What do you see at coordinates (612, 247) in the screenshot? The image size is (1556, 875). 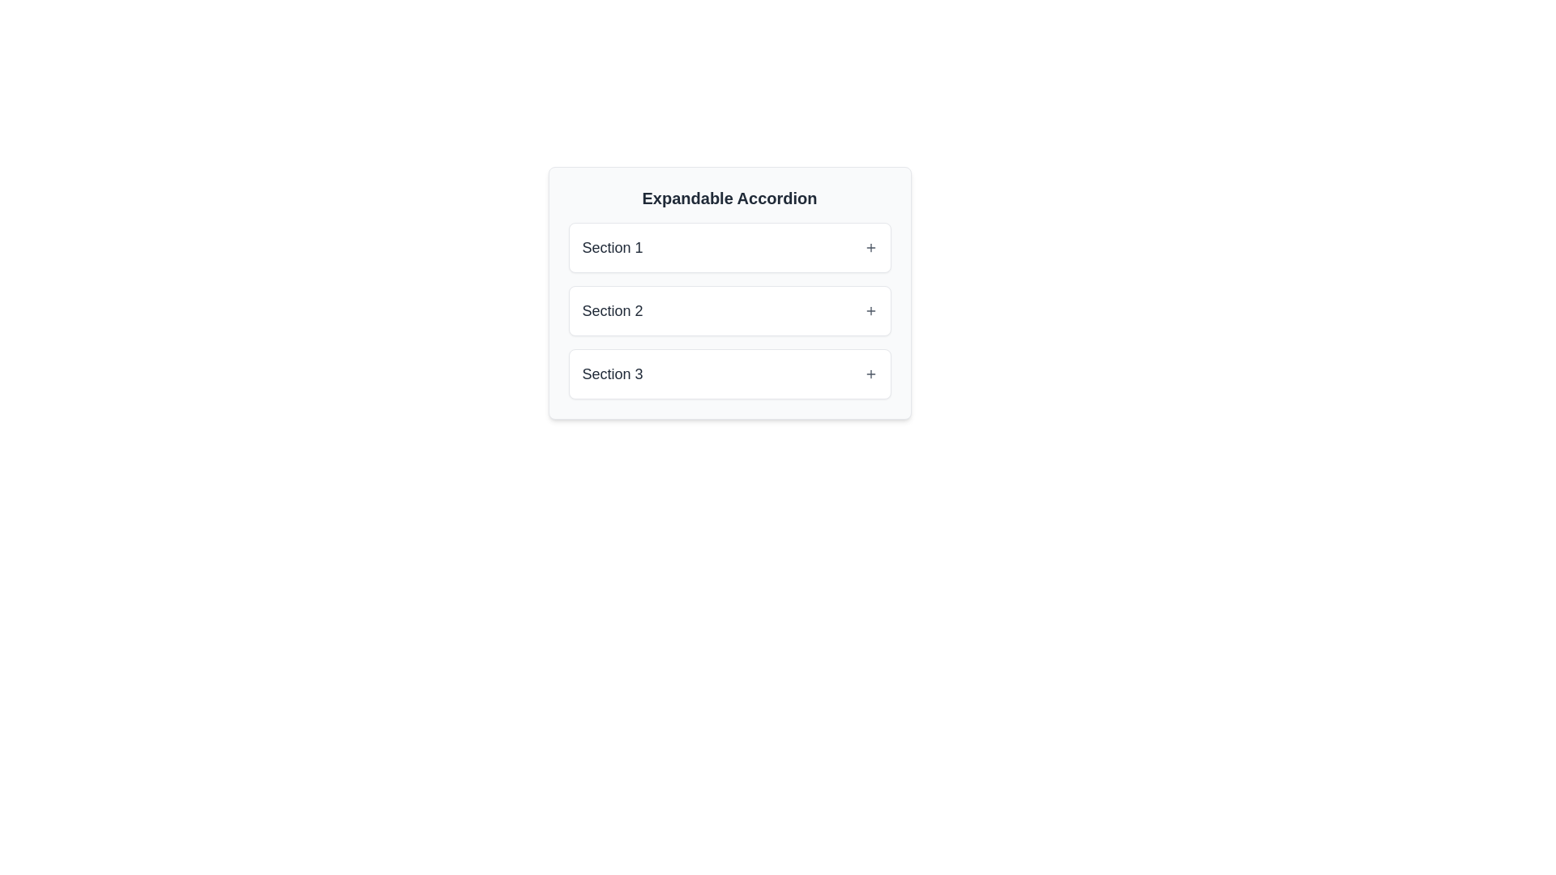 I see `the first Text Label of the expandable accordion, which indicates the content of the section when expanded` at bounding box center [612, 247].